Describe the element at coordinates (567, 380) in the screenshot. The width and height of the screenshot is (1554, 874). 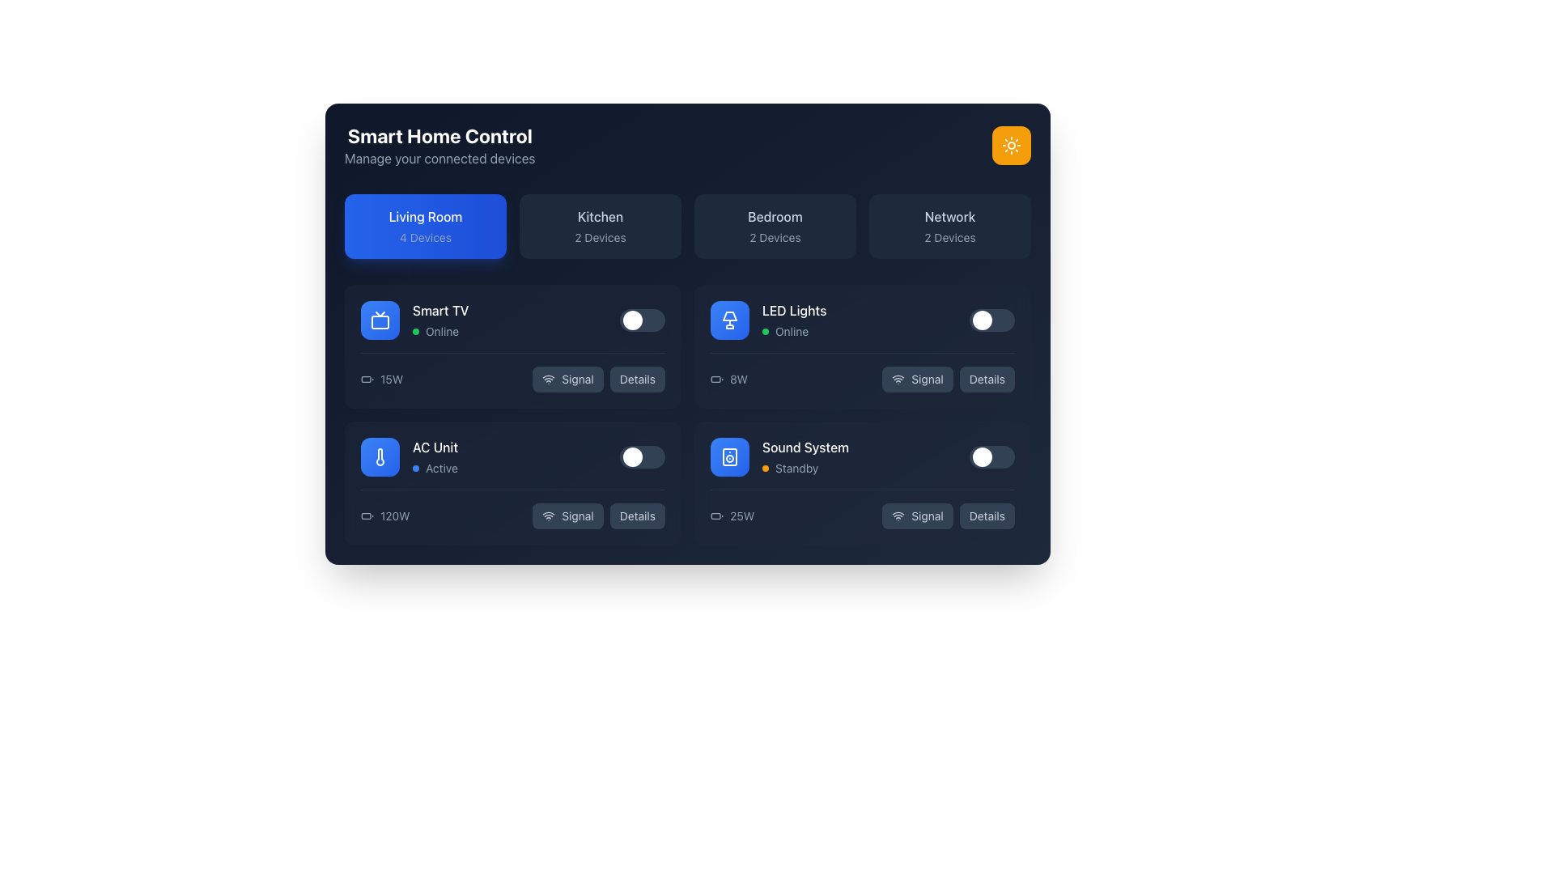
I see `the button that indicates the signal status or network connectivity of the Smart TV, located at the bottom left of the Smart TV card in the Living Room section` at that location.